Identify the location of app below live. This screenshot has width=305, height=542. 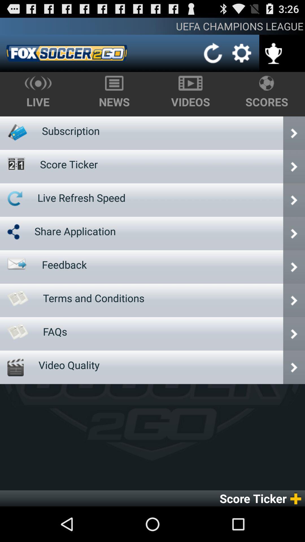
(70, 130).